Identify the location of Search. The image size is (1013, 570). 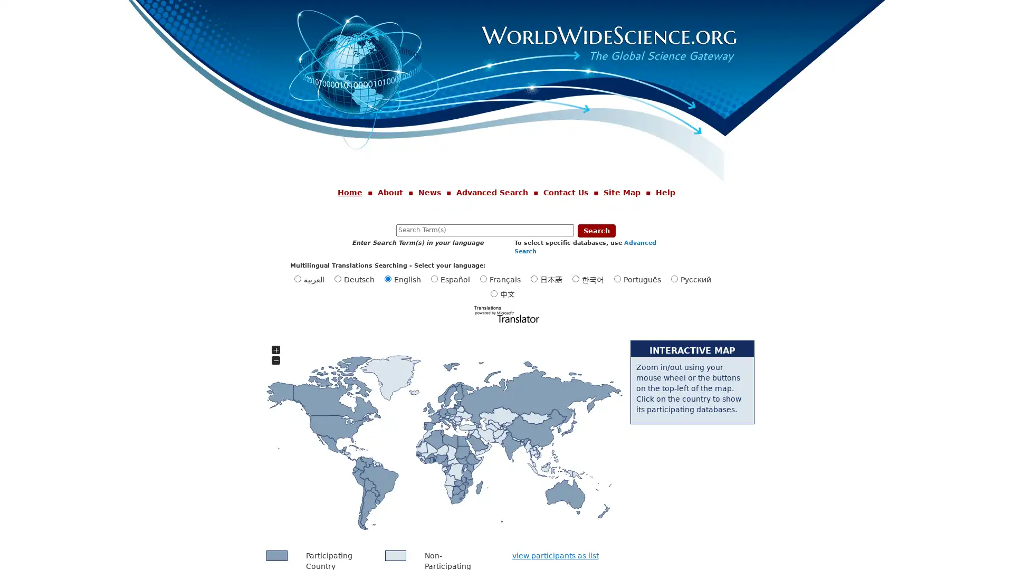
(596, 230).